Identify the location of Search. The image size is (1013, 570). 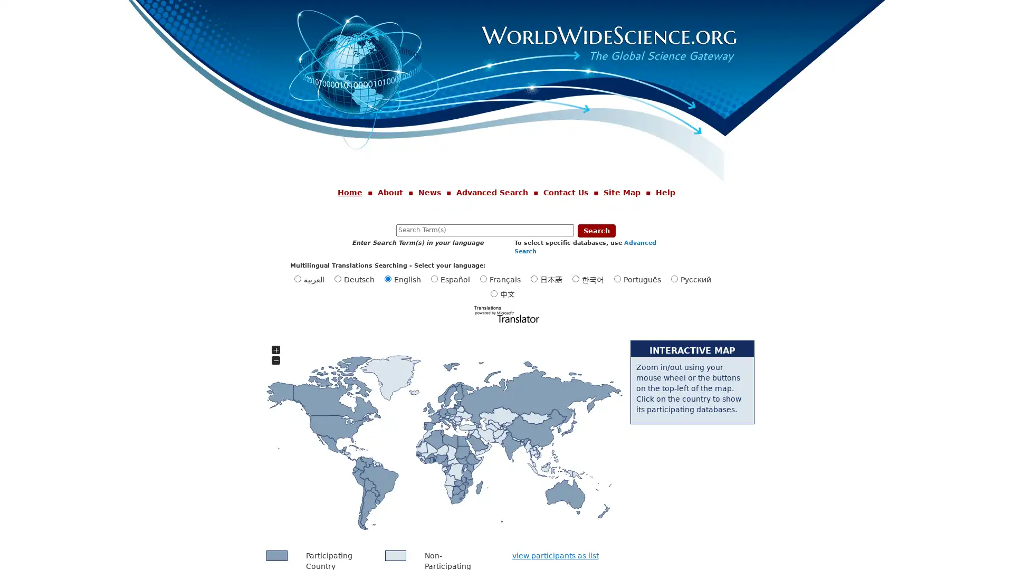
(596, 230).